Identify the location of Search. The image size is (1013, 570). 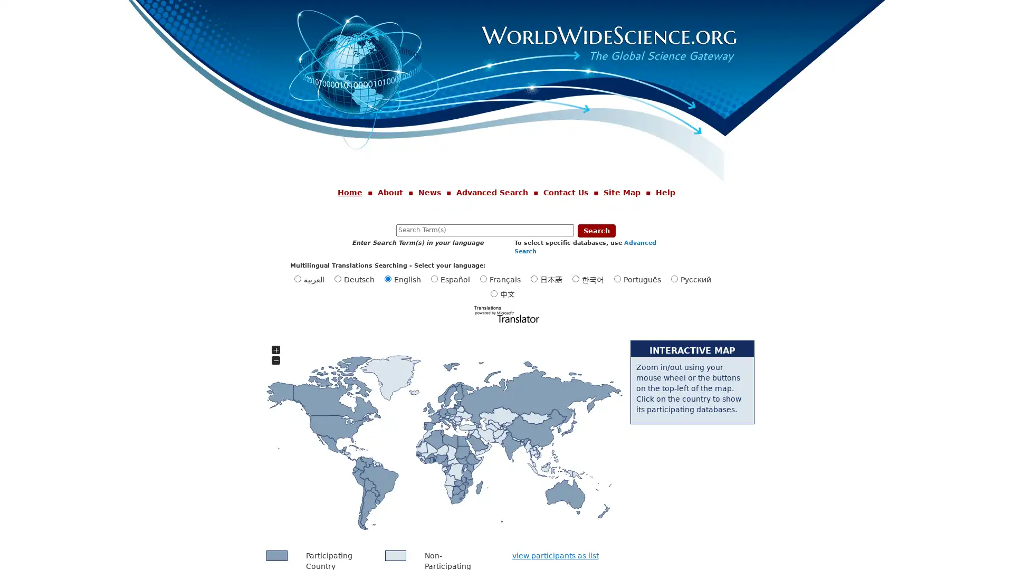
(596, 230).